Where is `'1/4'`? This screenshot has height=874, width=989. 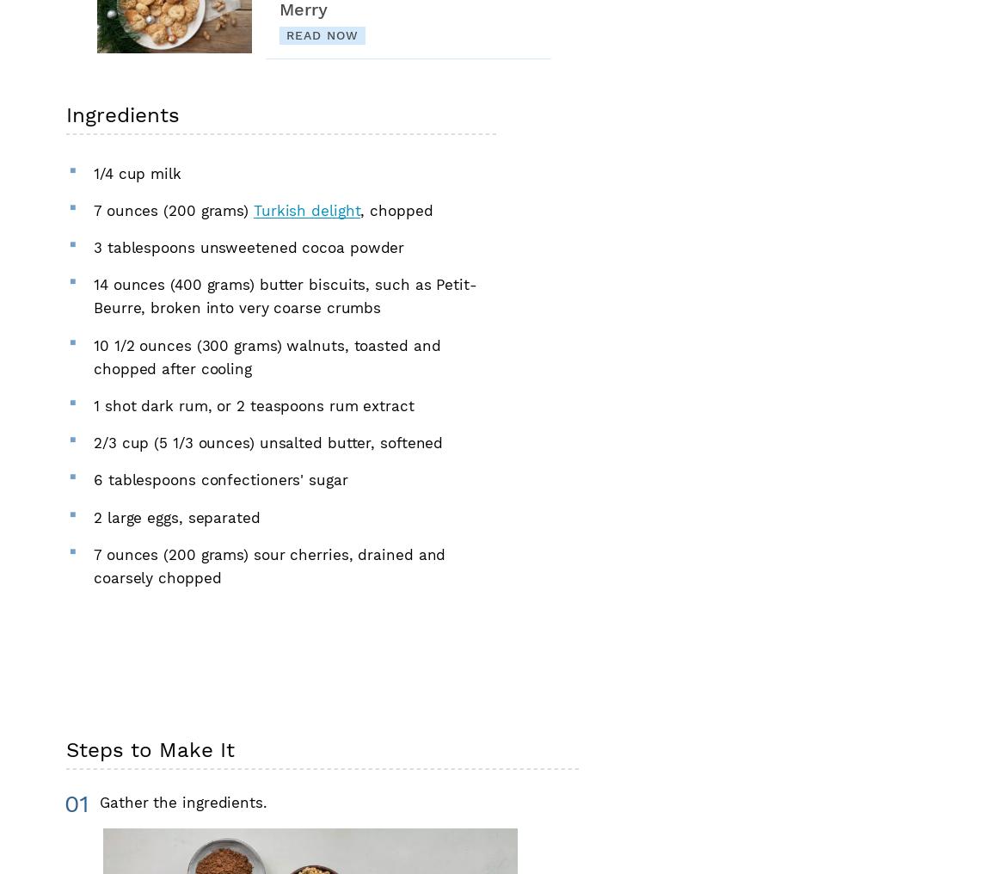 '1/4' is located at coordinates (93, 172).